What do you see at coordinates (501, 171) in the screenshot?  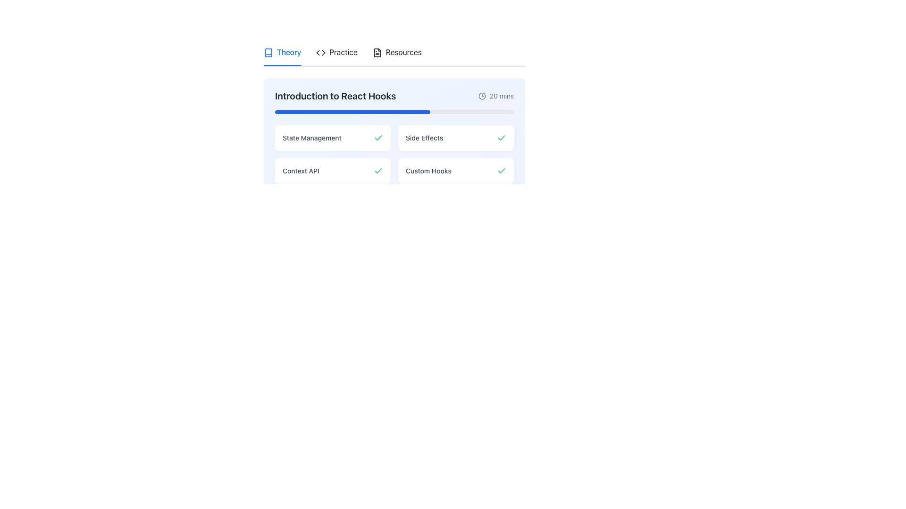 I see `the checkmark icon indicating that 'Custom Hooks' has been marked as completed or selected` at bounding box center [501, 171].